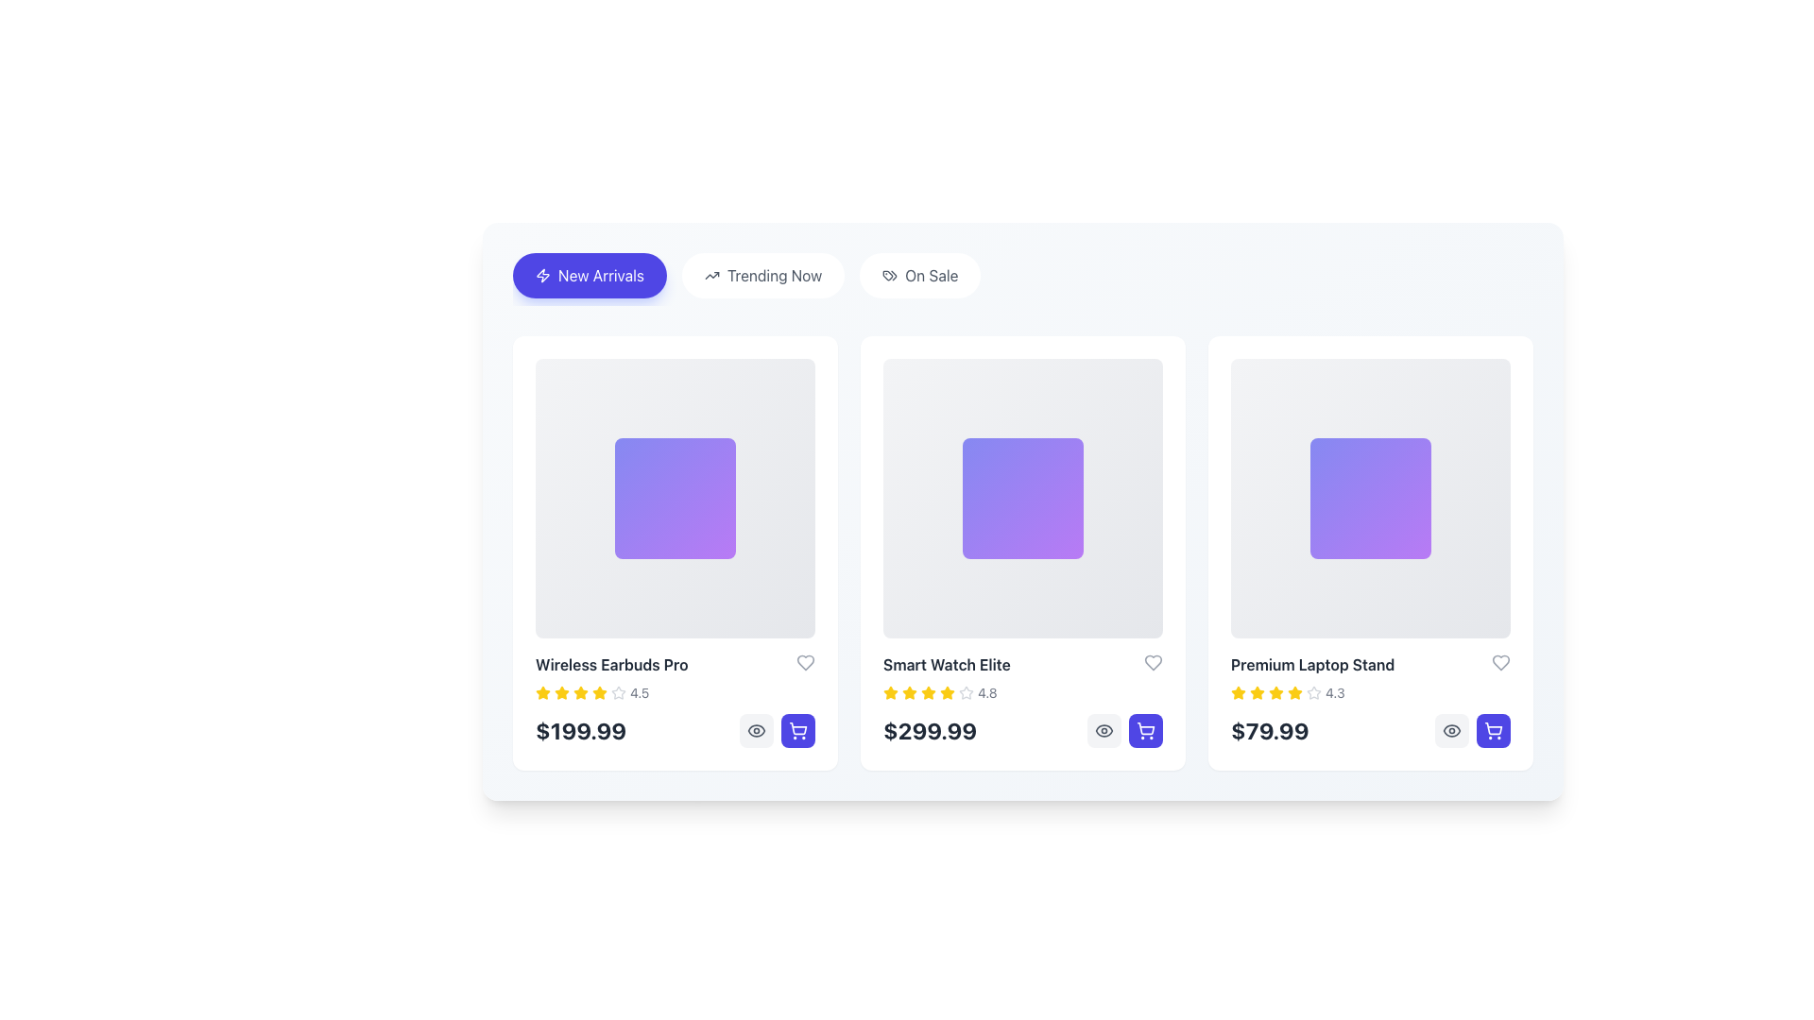  Describe the element at coordinates (966, 692) in the screenshot. I see `the second gray star icon in the rating system for 'Smart Watch Elite', which is part of a horizontally-aligned product list` at that location.